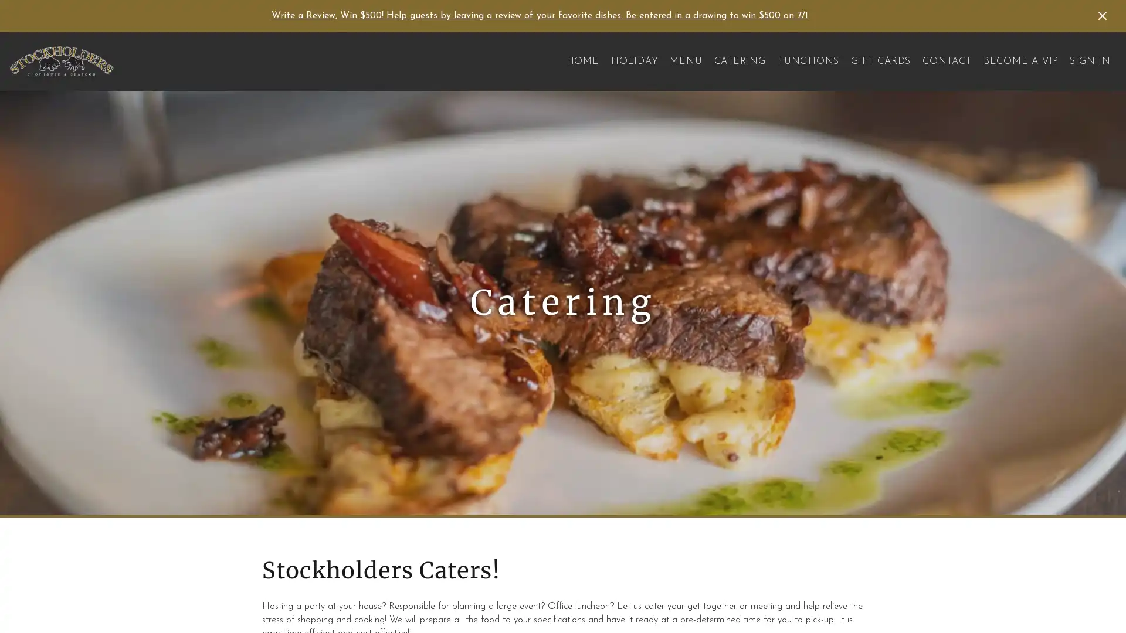 The height and width of the screenshot is (633, 1126). I want to click on SIGN IN, so click(1089, 61).